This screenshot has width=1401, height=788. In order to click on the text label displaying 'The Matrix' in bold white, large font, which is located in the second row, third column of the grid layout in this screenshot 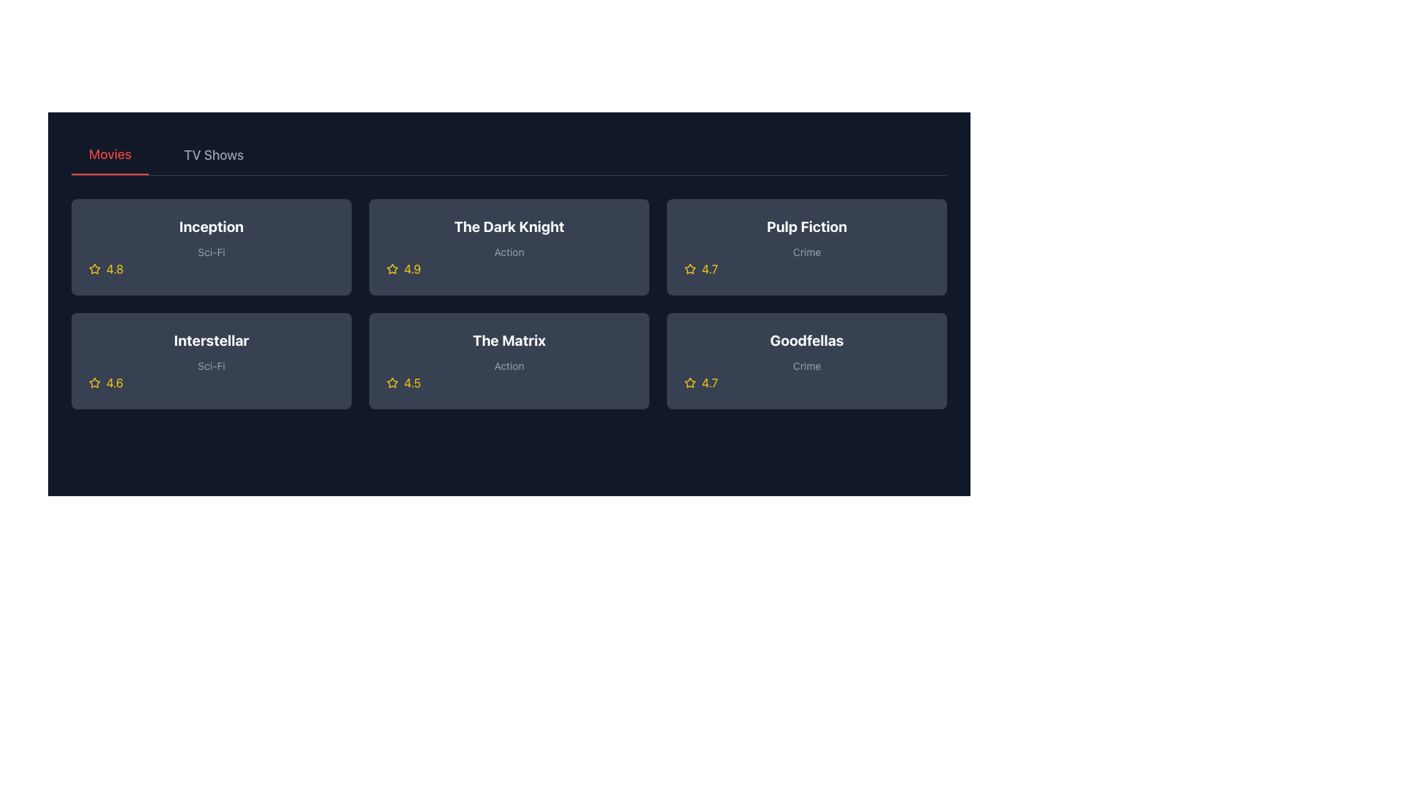, I will do `click(509, 340)`.